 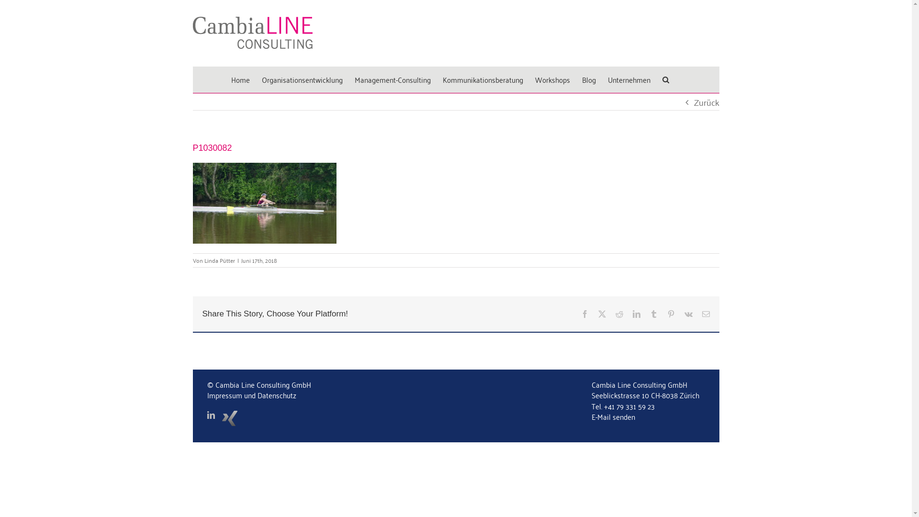 I want to click on 'Blog', so click(x=588, y=79).